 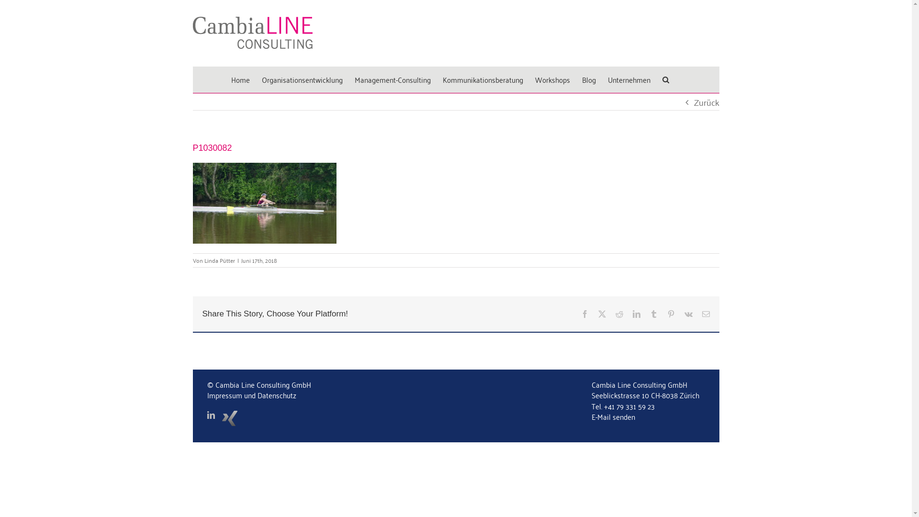 I want to click on 'Blog', so click(x=588, y=79).